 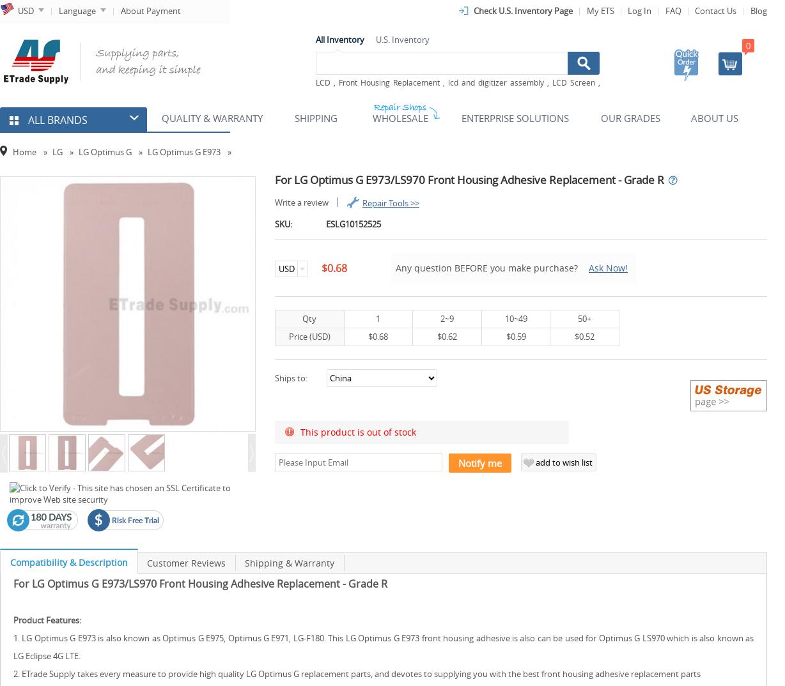 I want to click on 'For LG Optimus G E973/LS970 Front Housing Adhesive Replacement - Grade R', so click(x=200, y=583).